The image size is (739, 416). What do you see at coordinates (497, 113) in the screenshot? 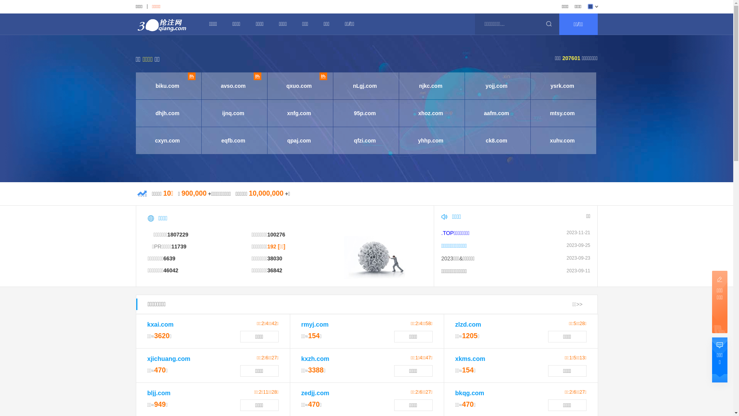
I see `'aafm.com'` at bounding box center [497, 113].